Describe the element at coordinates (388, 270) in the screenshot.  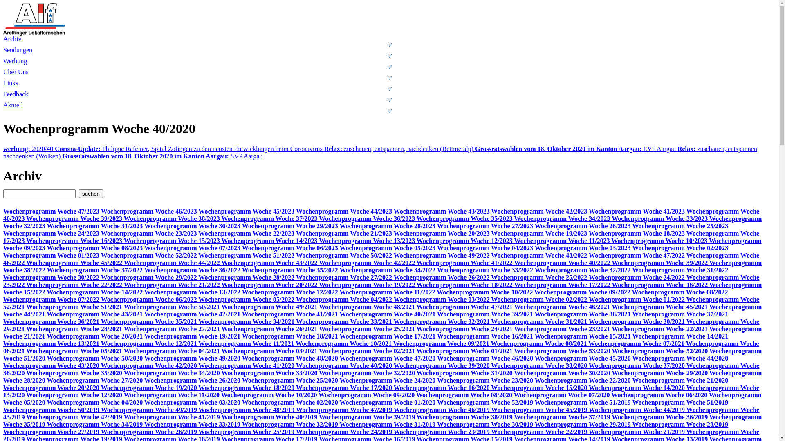
I see `'Wochenprogramm Woche 34/2022'` at that location.